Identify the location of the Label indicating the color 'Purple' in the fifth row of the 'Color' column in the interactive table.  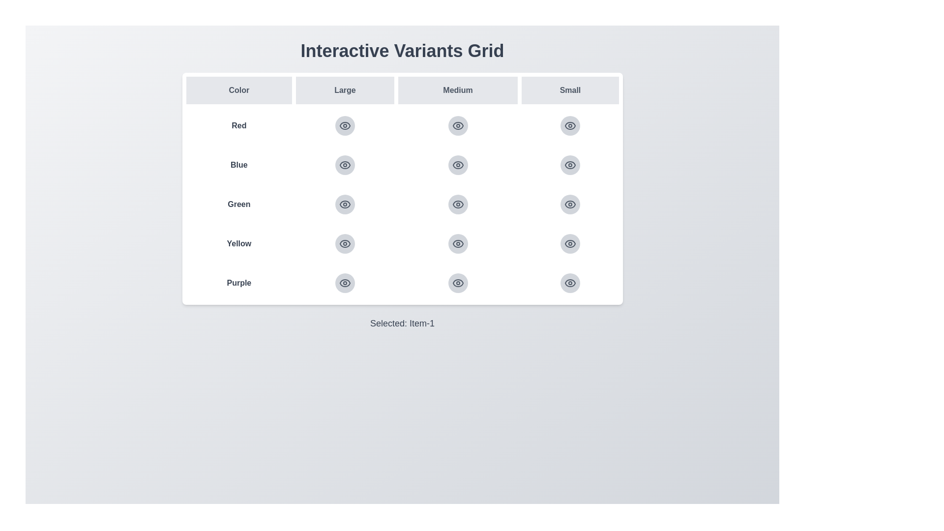
(239, 283).